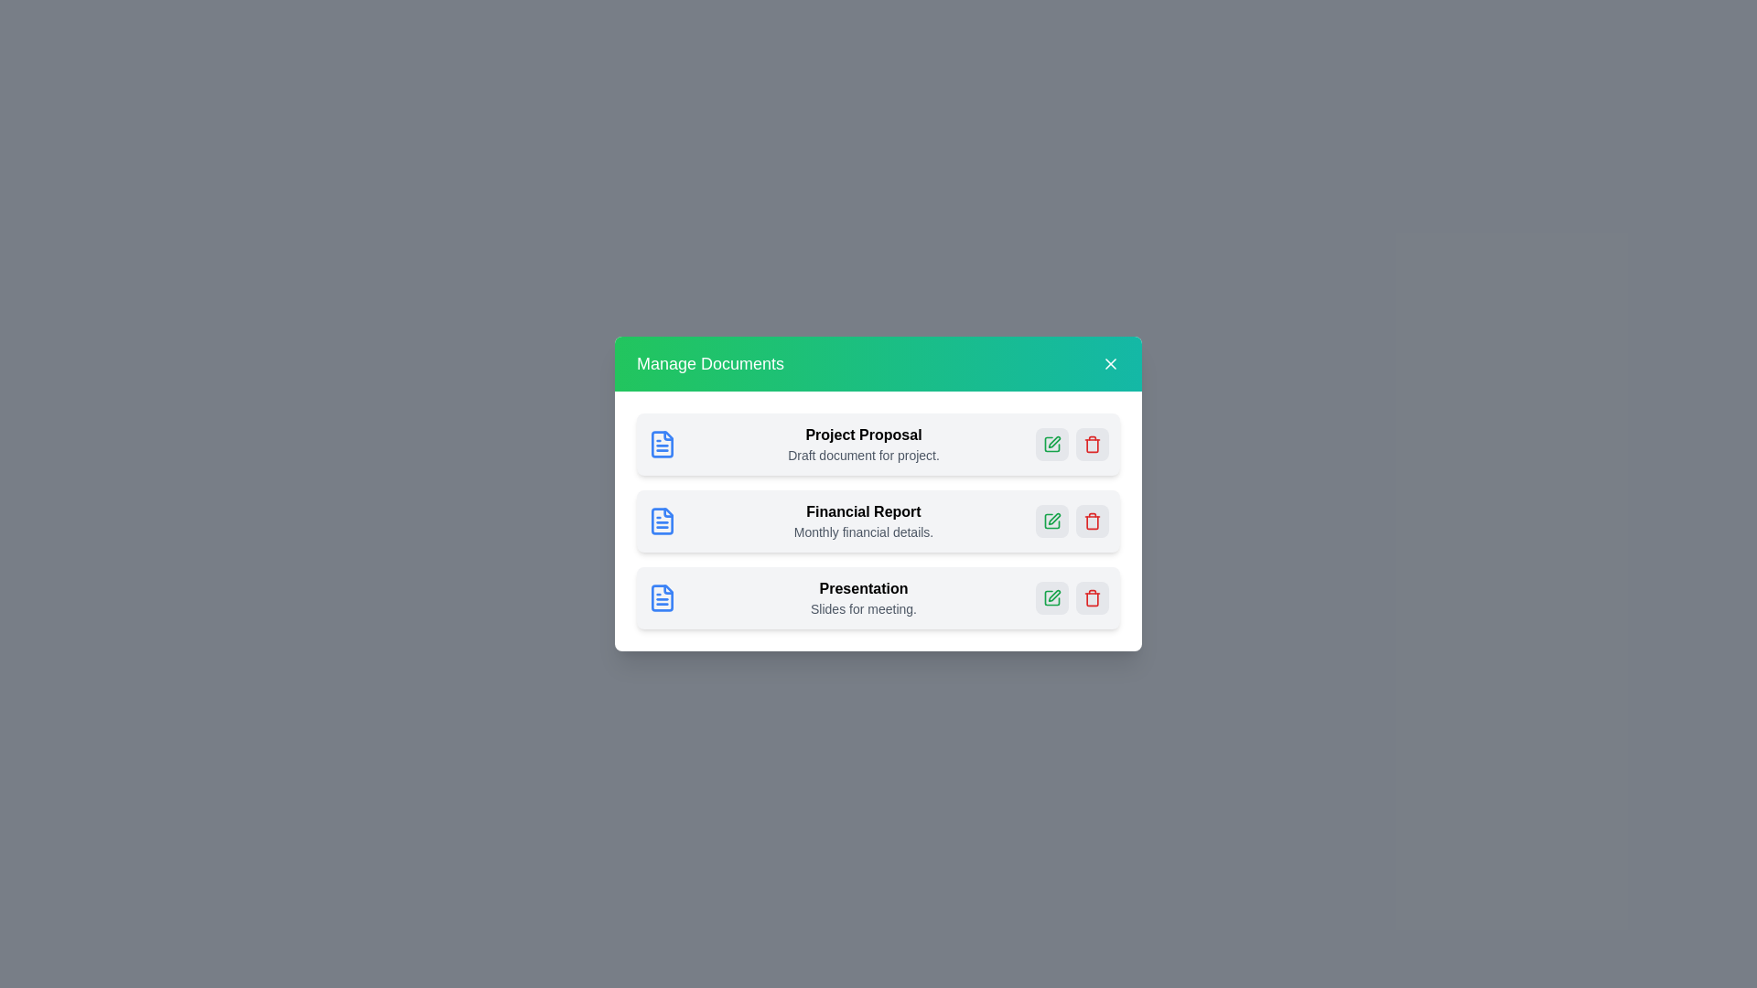 The width and height of the screenshot is (1757, 988). I want to click on edit button for the document named Financial Report, so click(1052, 521).